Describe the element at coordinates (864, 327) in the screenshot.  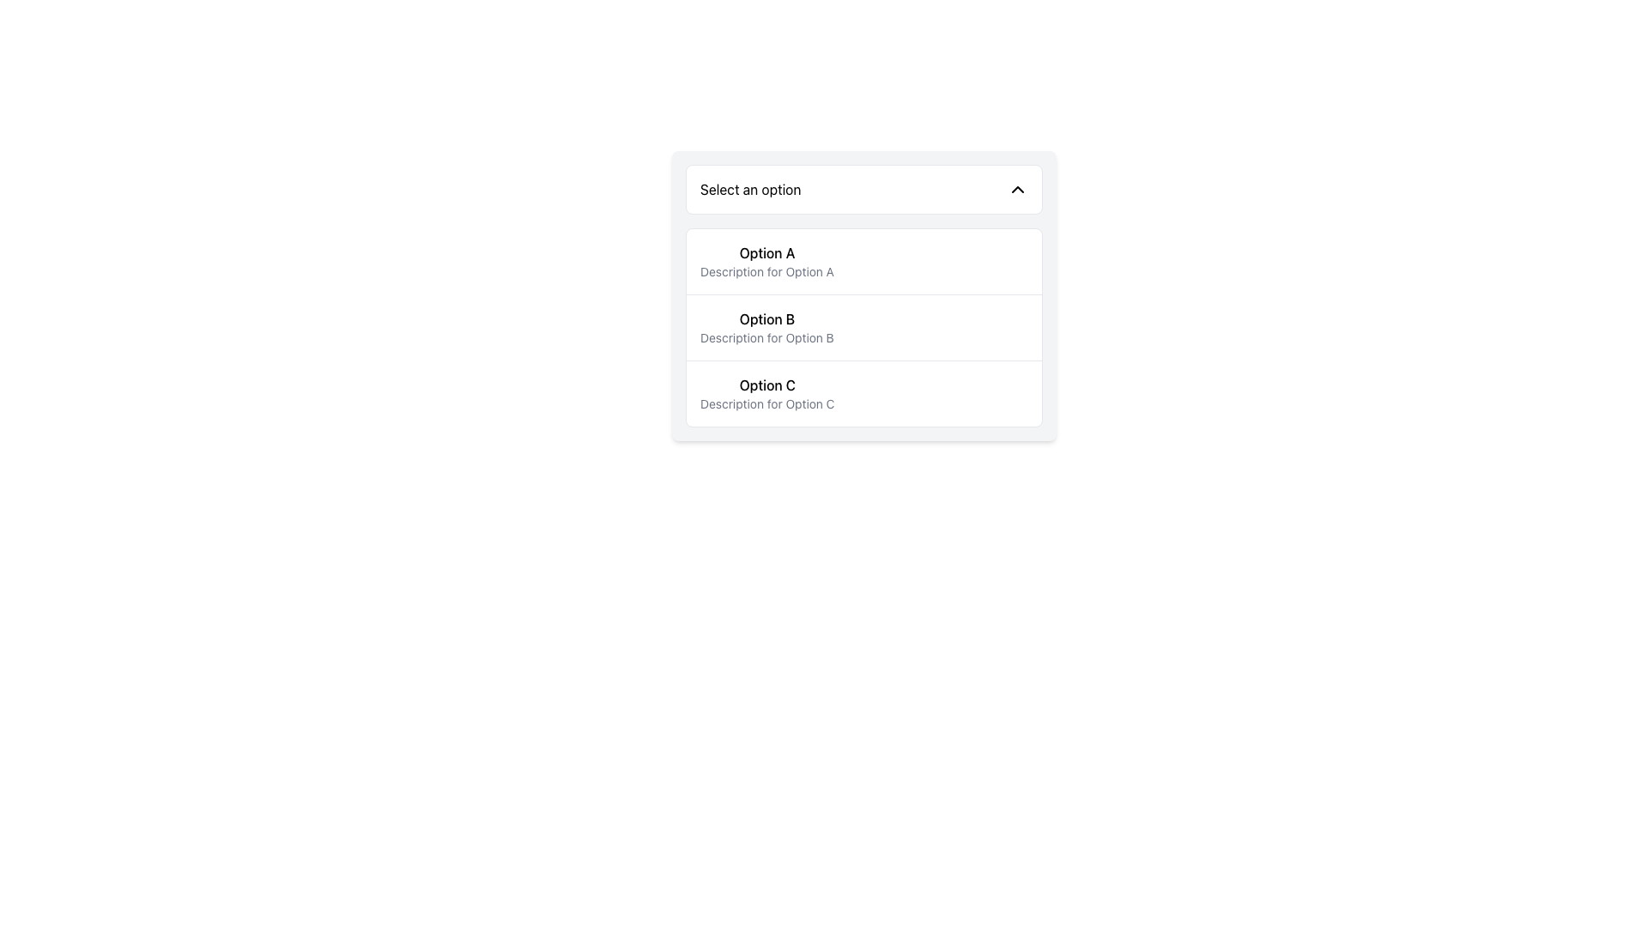
I see `the second selectable option in the dropdown list` at that location.